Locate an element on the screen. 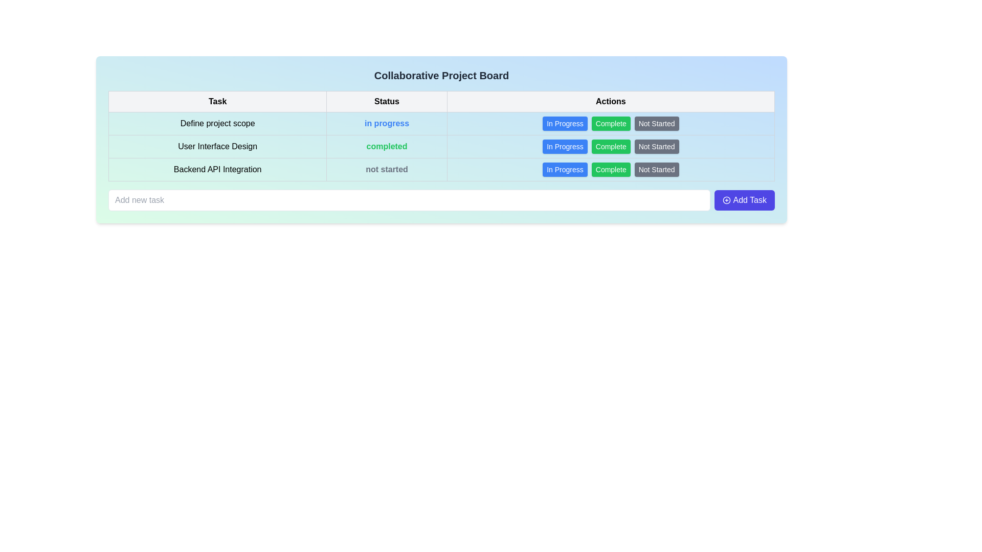 This screenshot has height=552, width=982. the header text element located at the top of the interface, which serves as a title for the section above the task table is located at coordinates (441, 75).